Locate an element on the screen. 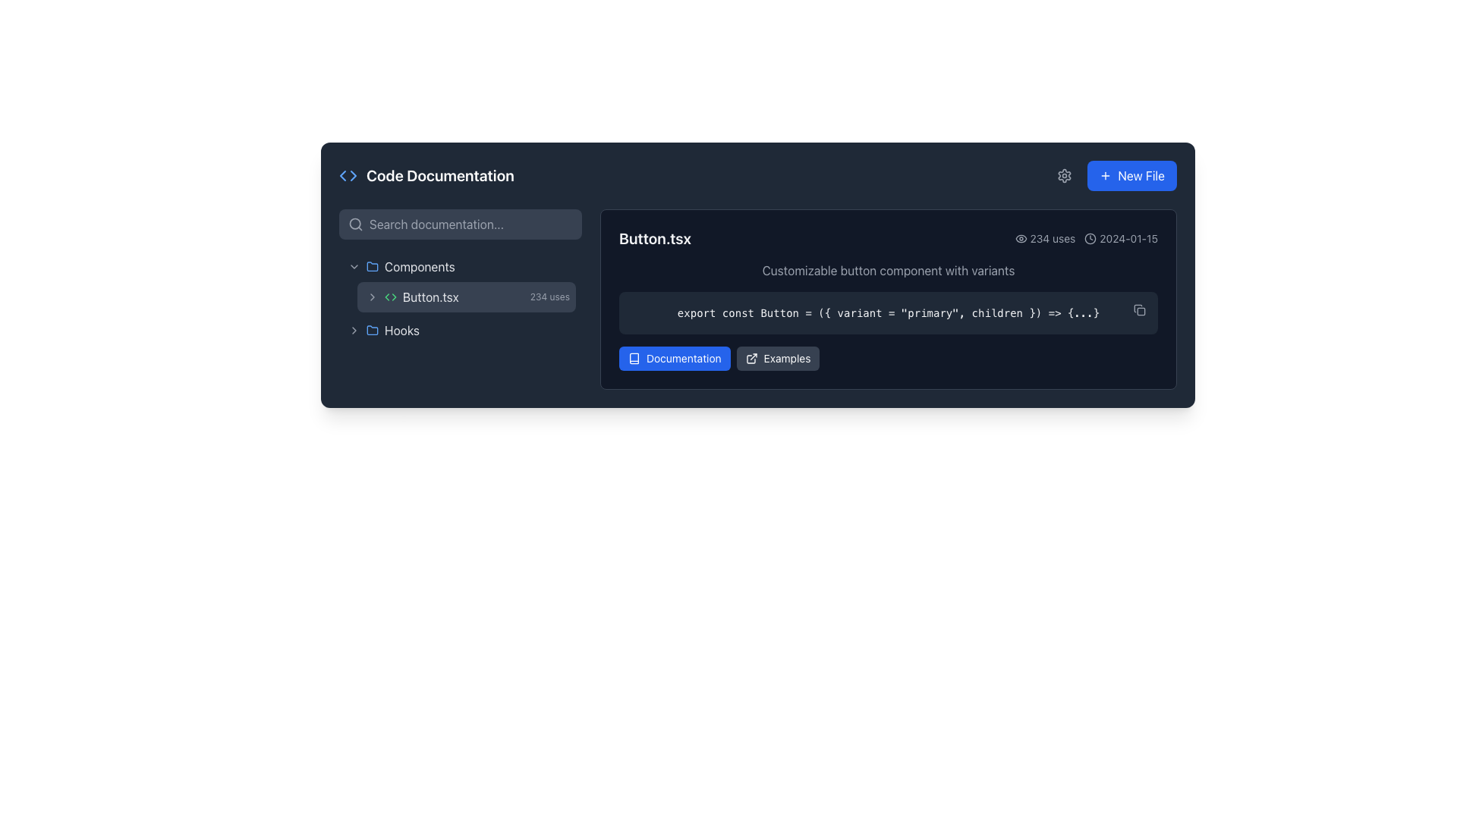 The image size is (1457, 819). the button with a small downward-pointing chevron icon next to the text 'Components' in the sidebar is located at coordinates (353, 265).